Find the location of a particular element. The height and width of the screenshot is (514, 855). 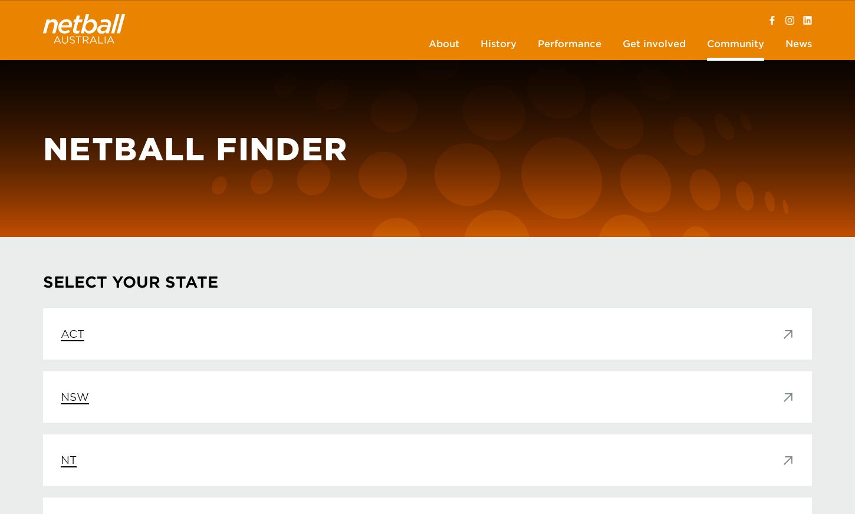

'Rules of Netball' is located at coordinates (474, 199).